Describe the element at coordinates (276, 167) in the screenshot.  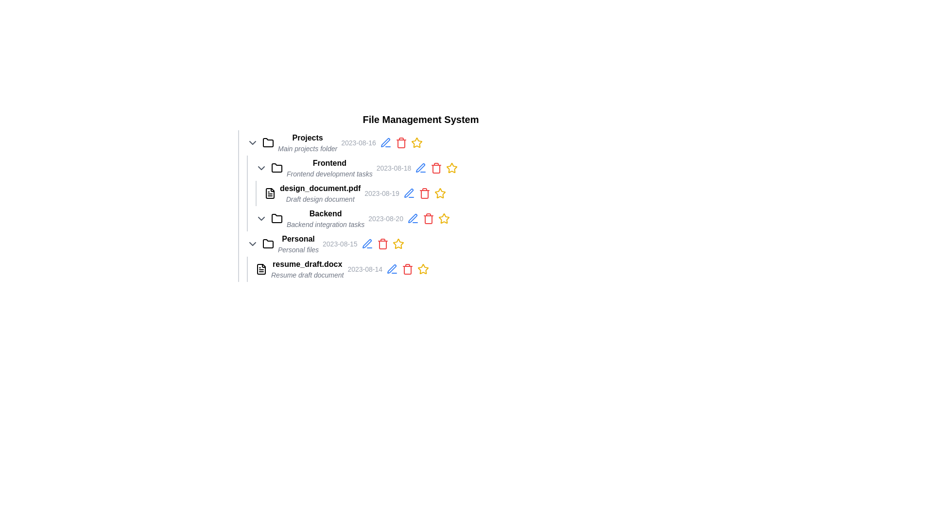
I see `the folder icon adjacent to the label 'Frontend' in the file manager interface, which is styled as an outline graphic with rounded edges and a slight flap at the top left` at that location.